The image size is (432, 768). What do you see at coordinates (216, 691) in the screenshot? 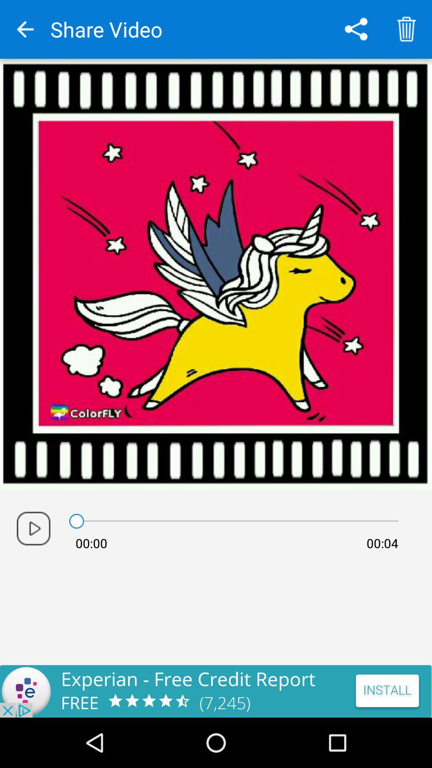
I see `flashing add` at bounding box center [216, 691].